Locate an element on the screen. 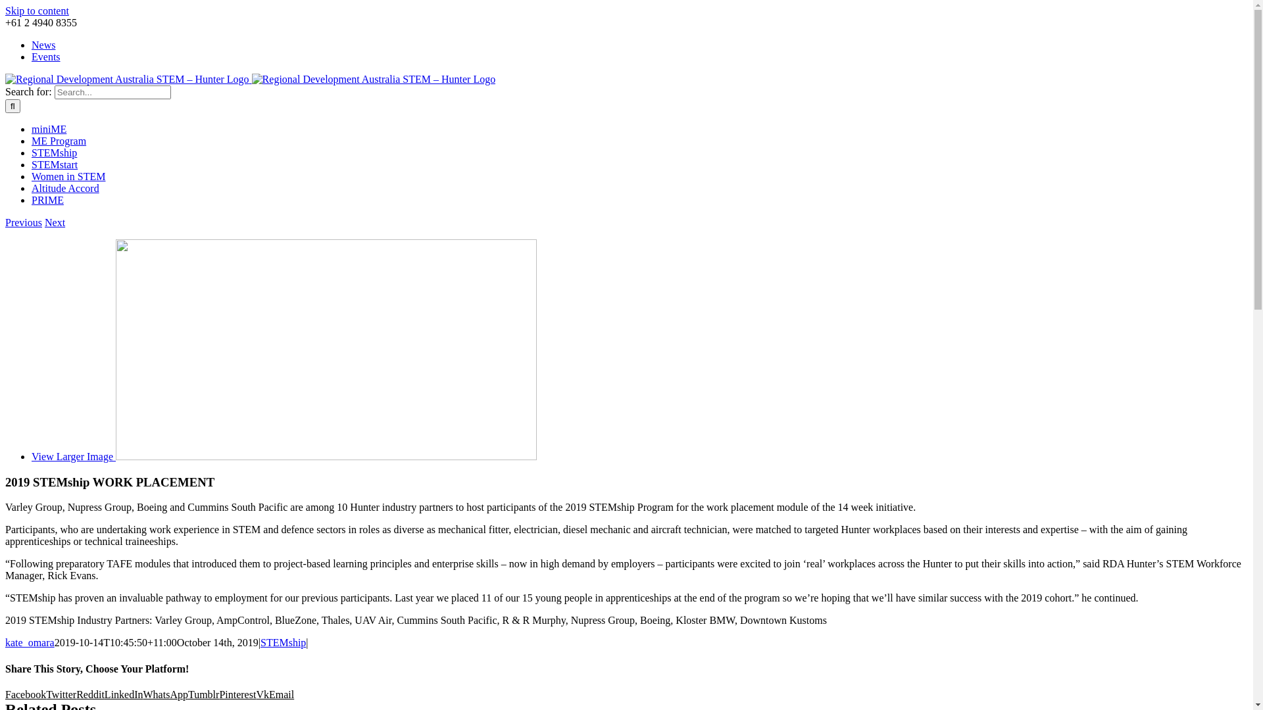  'Twitter' is located at coordinates (60, 694).